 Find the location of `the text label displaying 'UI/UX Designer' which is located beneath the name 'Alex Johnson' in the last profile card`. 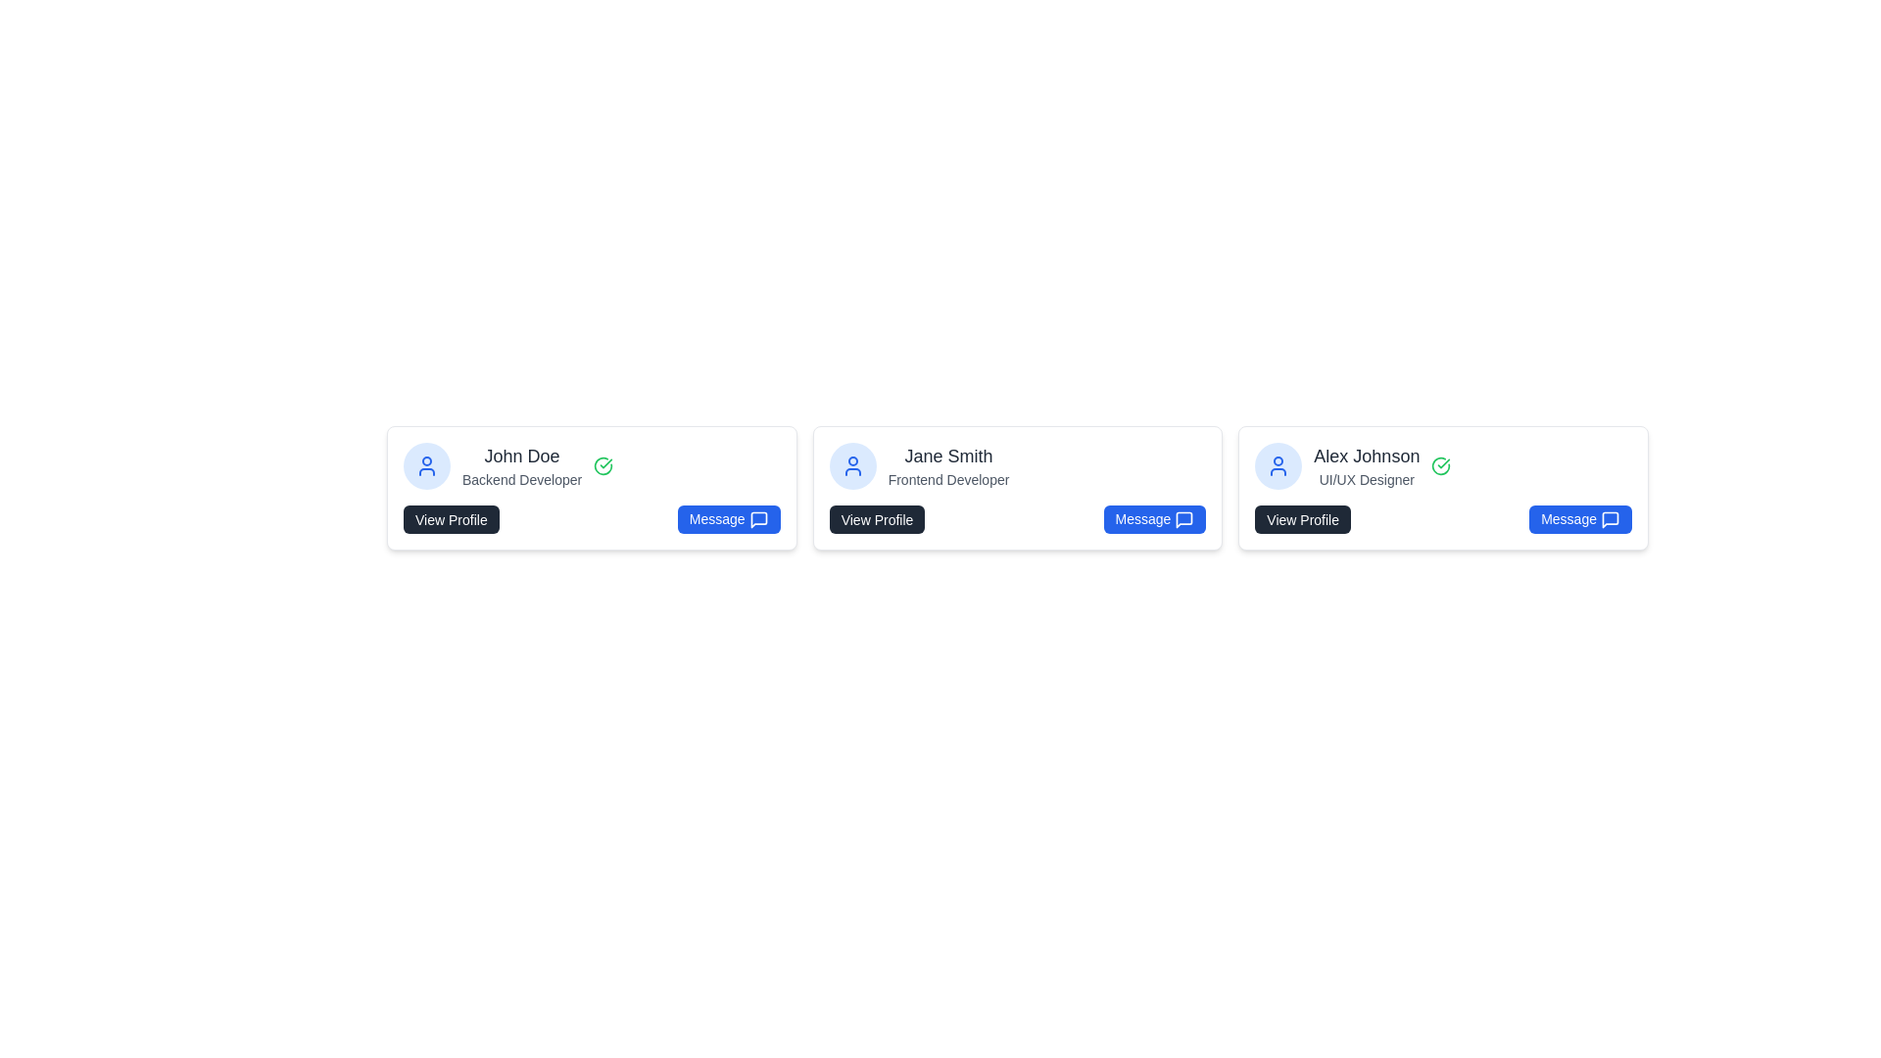

the text label displaying 'UI/UX Designer' which is located beneath the name 'Alex Johnson' in the last profile card is located at coordinates (1366, 479).